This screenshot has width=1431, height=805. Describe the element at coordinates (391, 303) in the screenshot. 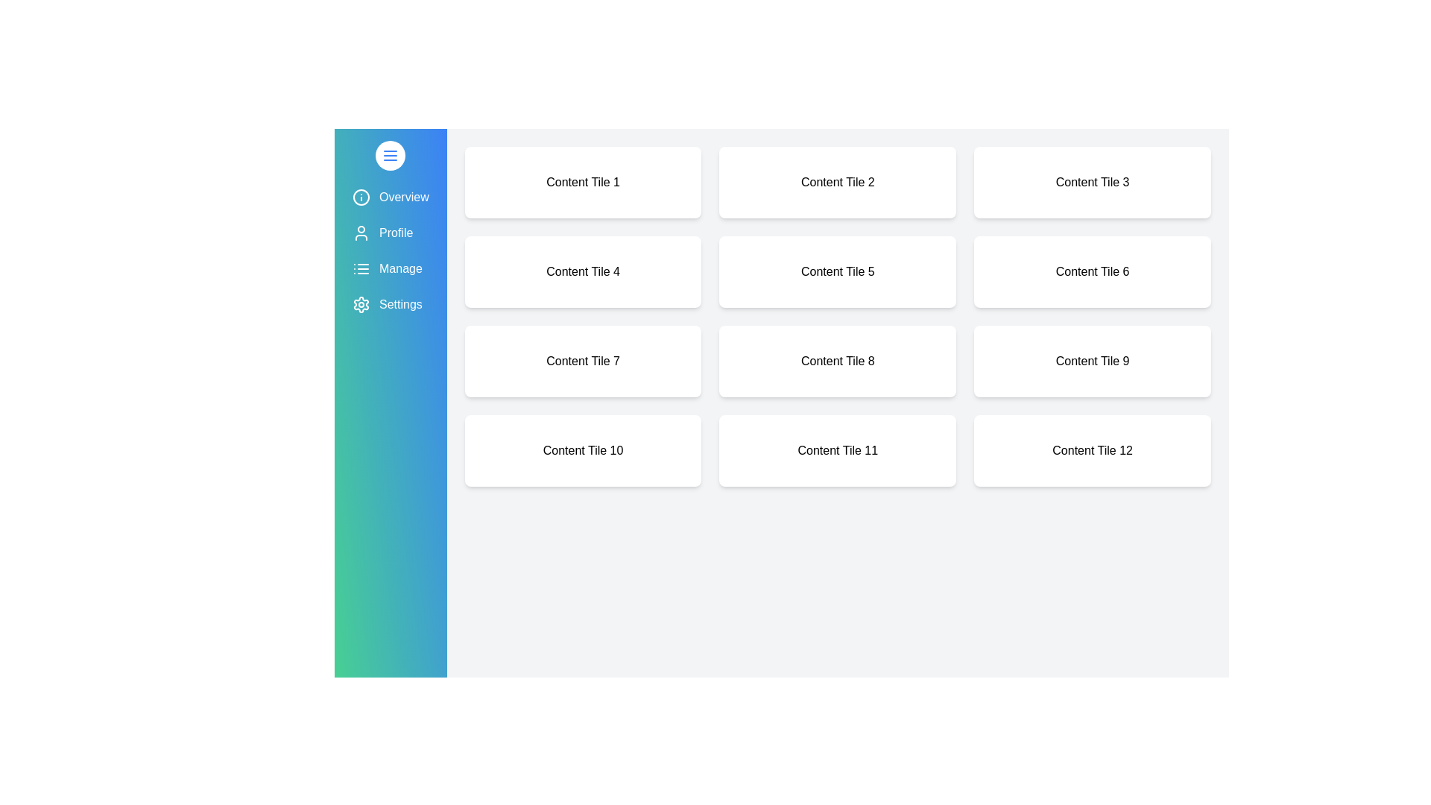

I see `the menu item labeled Settings` at that location.